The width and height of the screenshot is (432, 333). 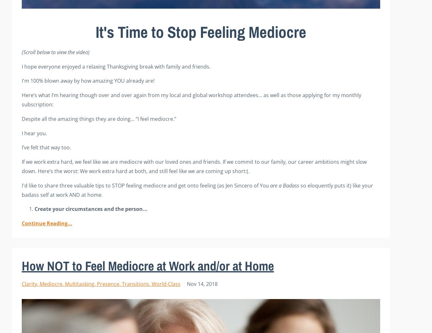 What do you see at coordinates (29, 284) in the screenshot?
I see `'clarity'` at bounding box center [29, 284].